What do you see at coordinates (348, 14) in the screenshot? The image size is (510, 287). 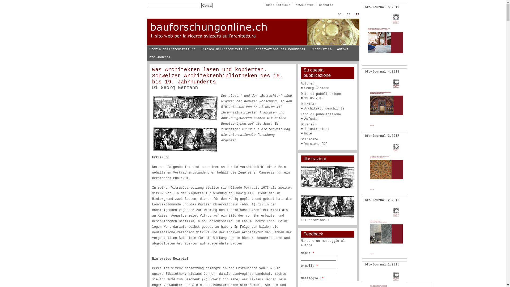 I see `'FR'` at bounding box center [348, 14].